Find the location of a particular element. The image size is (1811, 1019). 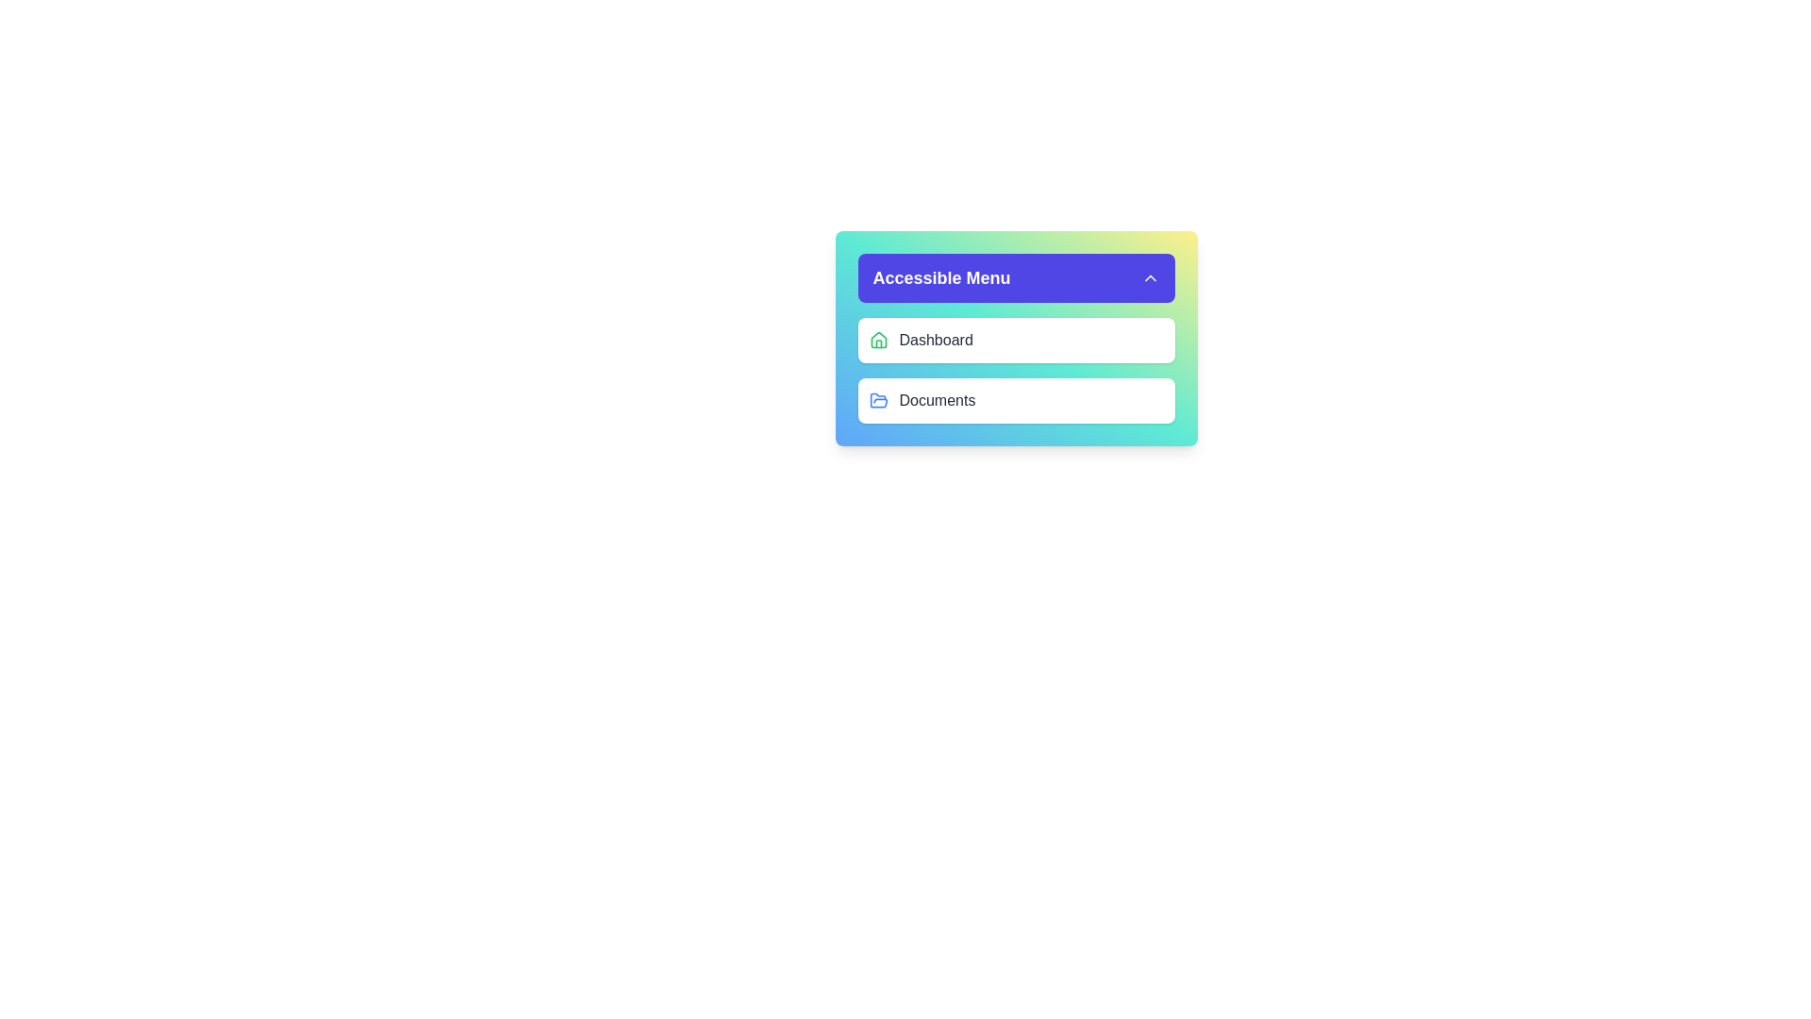

the upward-pointing chevron icon button with a white design against a vibrant blue background, located on the right side of the 'Accessible Menu' header is located at coordinates (1149, 277).